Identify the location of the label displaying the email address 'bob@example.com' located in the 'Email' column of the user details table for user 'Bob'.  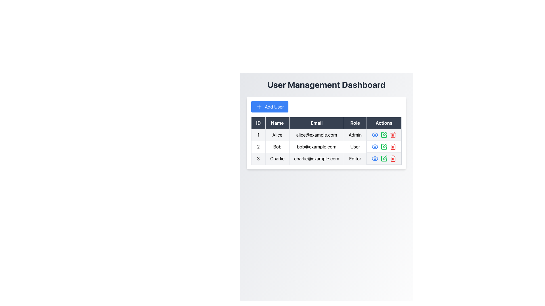
(316, 146).